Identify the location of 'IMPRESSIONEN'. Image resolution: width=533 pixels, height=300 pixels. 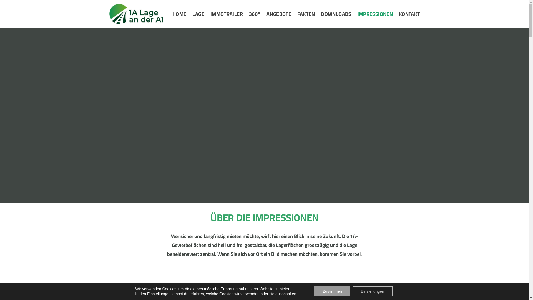
(375, 14).